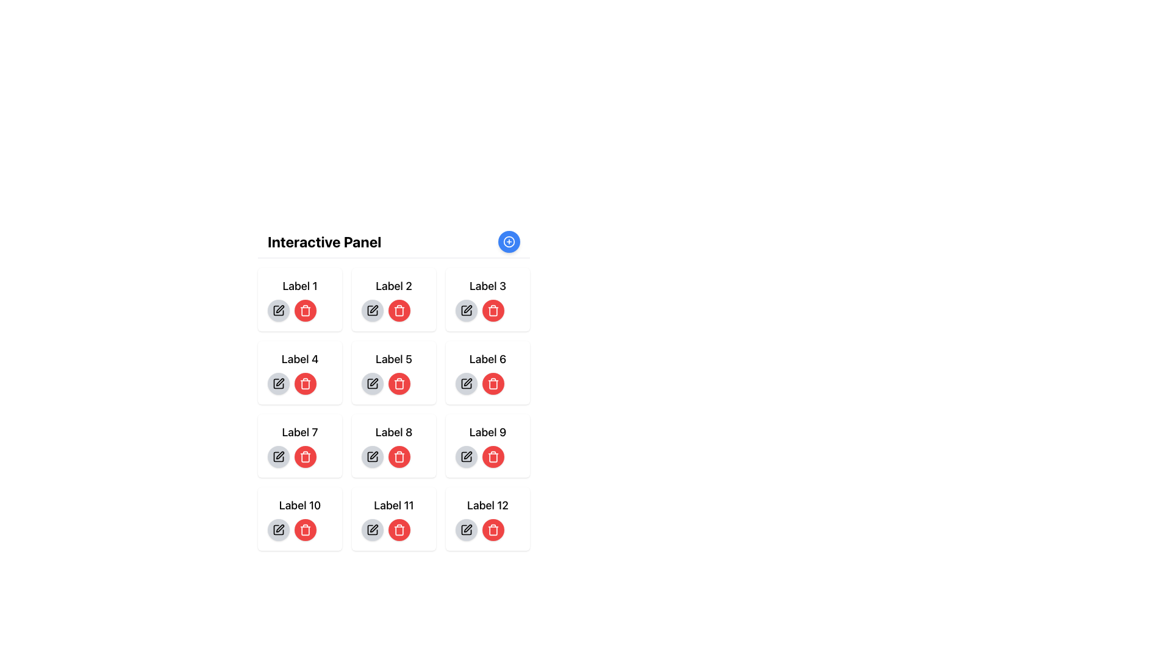  I want to click on the edit button, which is the second button in the group under 'Label 2', to visually highlight it, so click(371, 310).